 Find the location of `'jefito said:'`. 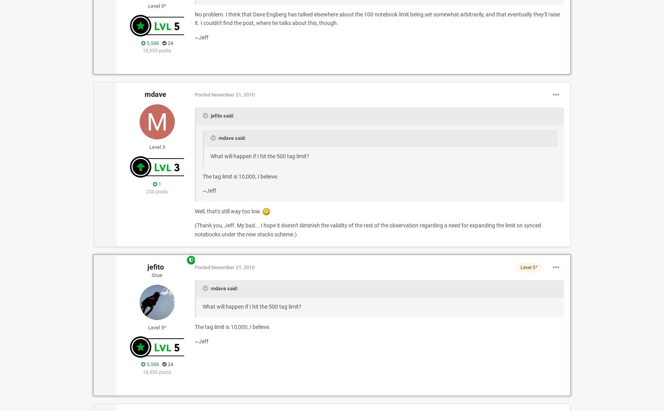

'jefito said:' is located at coordinates (221, 116).